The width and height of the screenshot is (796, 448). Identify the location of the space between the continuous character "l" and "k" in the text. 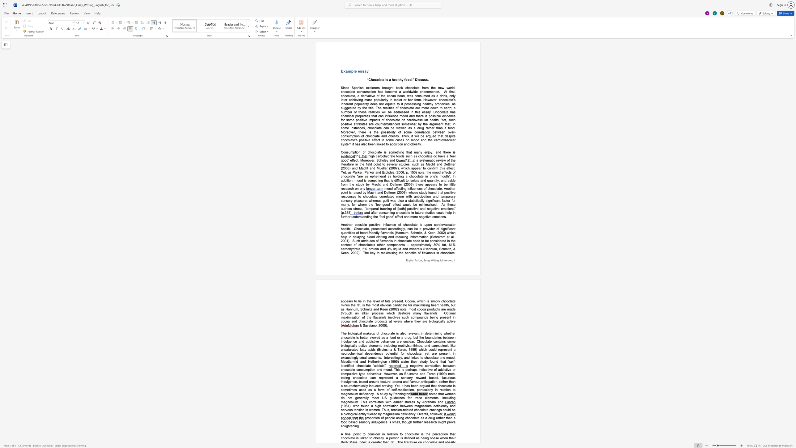
(364, 313).